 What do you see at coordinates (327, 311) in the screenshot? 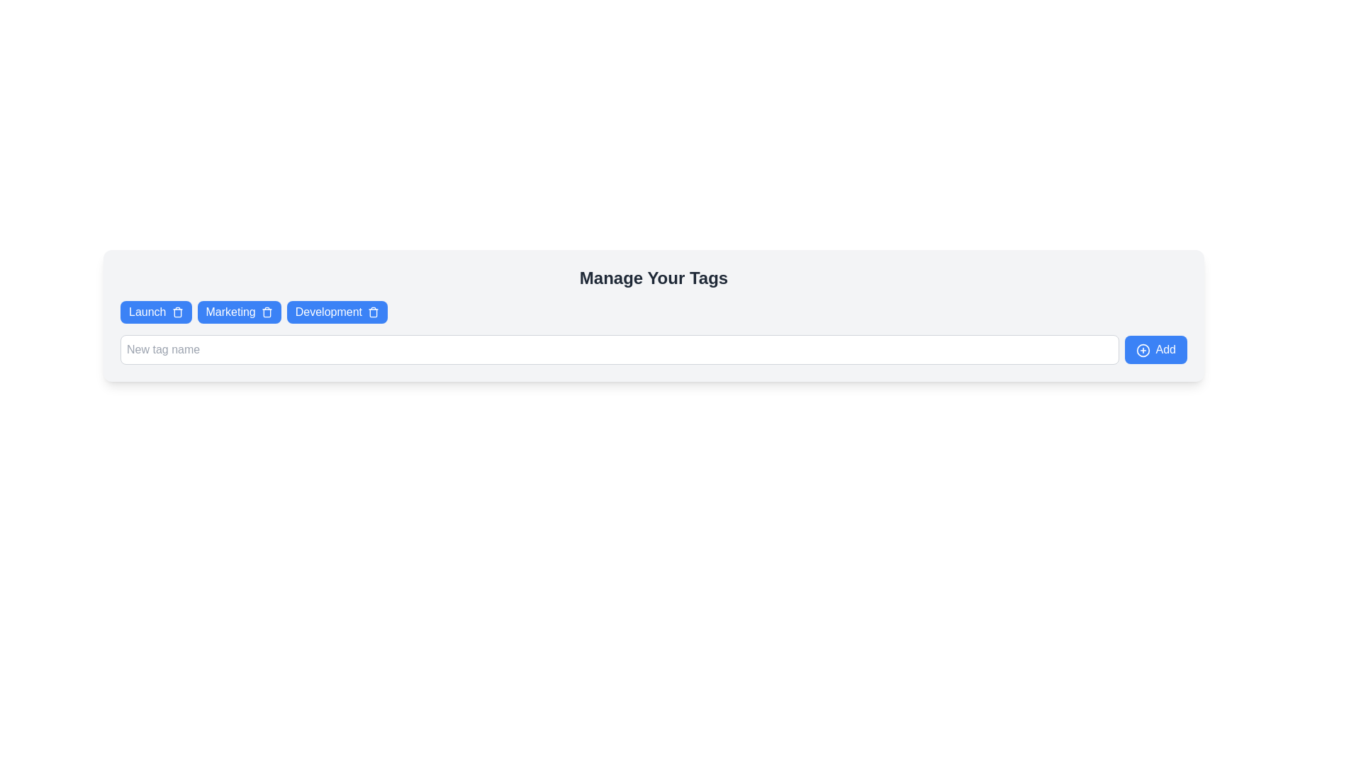
I see `the 'Development' button to focus on it, which is the third button in a row of tags indicating content related to development` at bounding box center [327, 311].